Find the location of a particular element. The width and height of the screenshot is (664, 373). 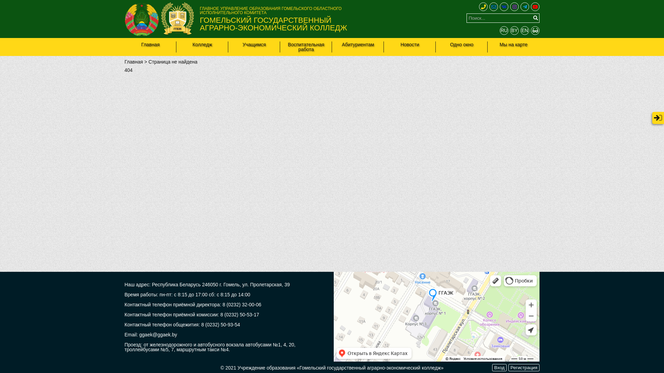

'RU' is located at coordinates (504, 30).